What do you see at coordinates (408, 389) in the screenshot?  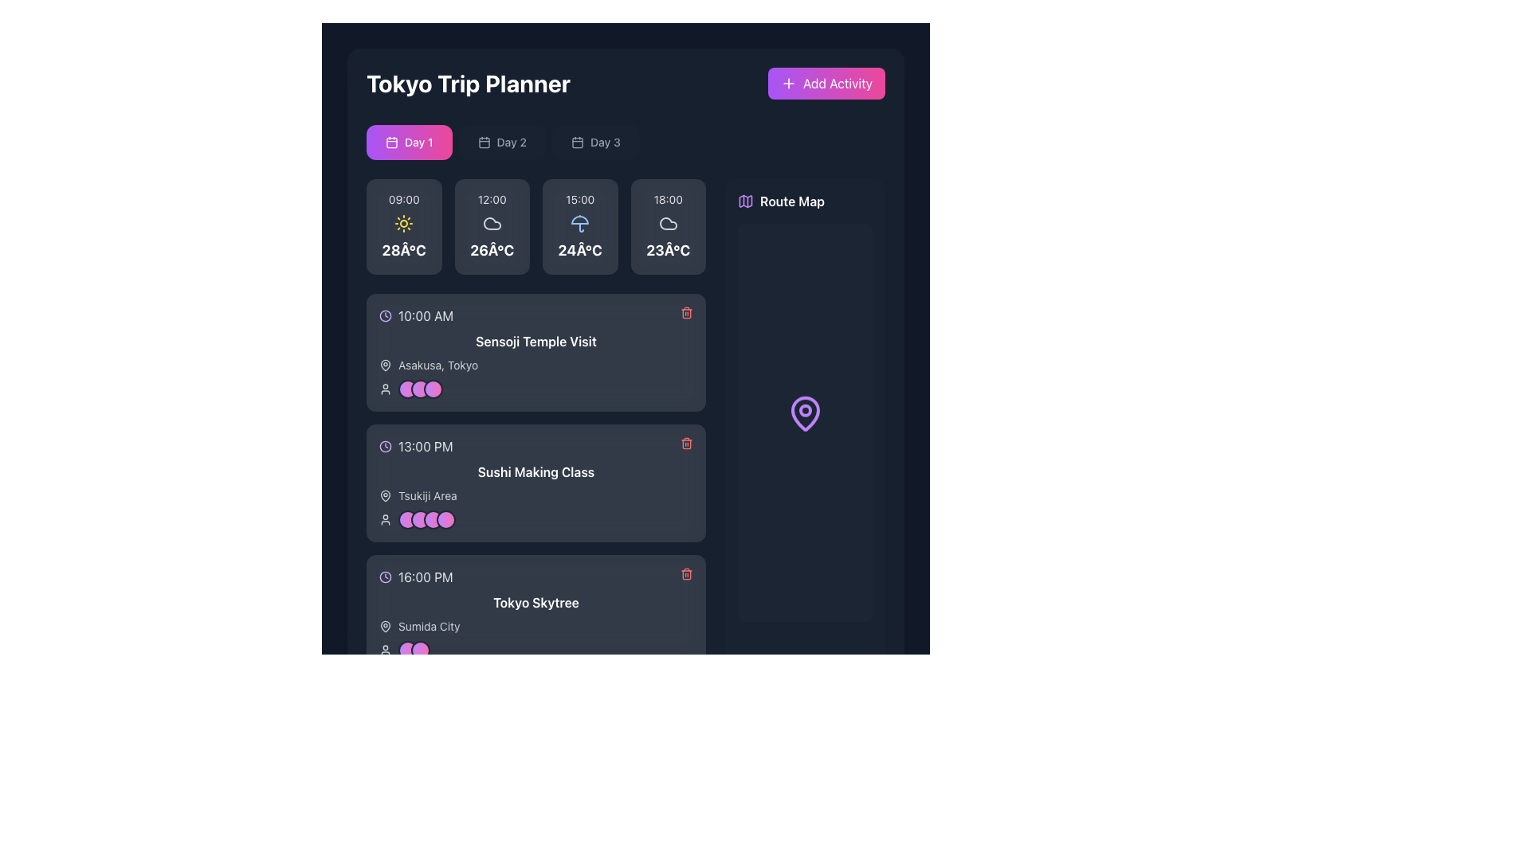 I see `the first circular badge representing the user in the bottom-left section of the '10:00 AM Sensoji Temple Visit' card` at bounding box center [408, 389].